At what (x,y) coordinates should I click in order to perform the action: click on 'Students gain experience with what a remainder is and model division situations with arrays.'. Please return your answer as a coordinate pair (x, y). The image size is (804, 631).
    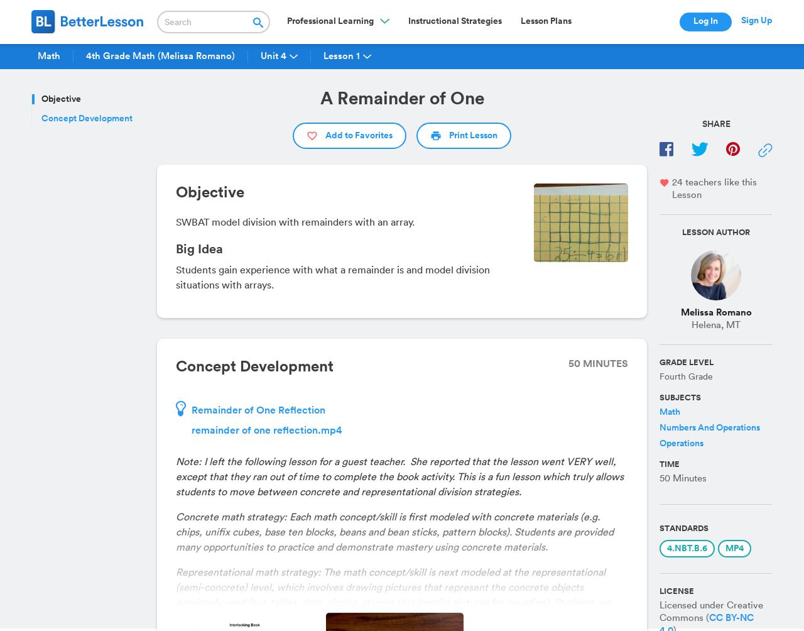
    Looking at the image, I should click on (333, 277).